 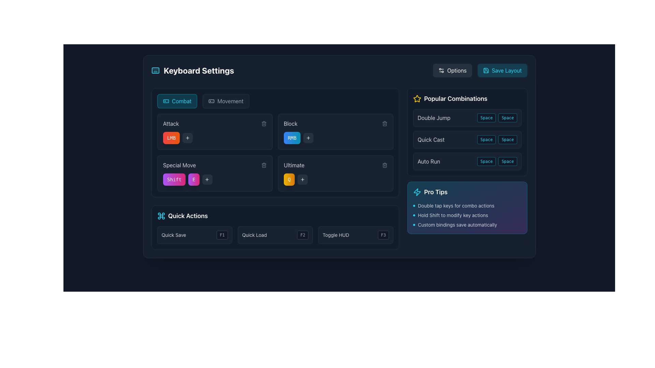 I want to click on the '+' icon located to the right of the 'LMB' button in the 'Attack' section of the 'Keyboard Settings' interface, so click(x=207, y=179).